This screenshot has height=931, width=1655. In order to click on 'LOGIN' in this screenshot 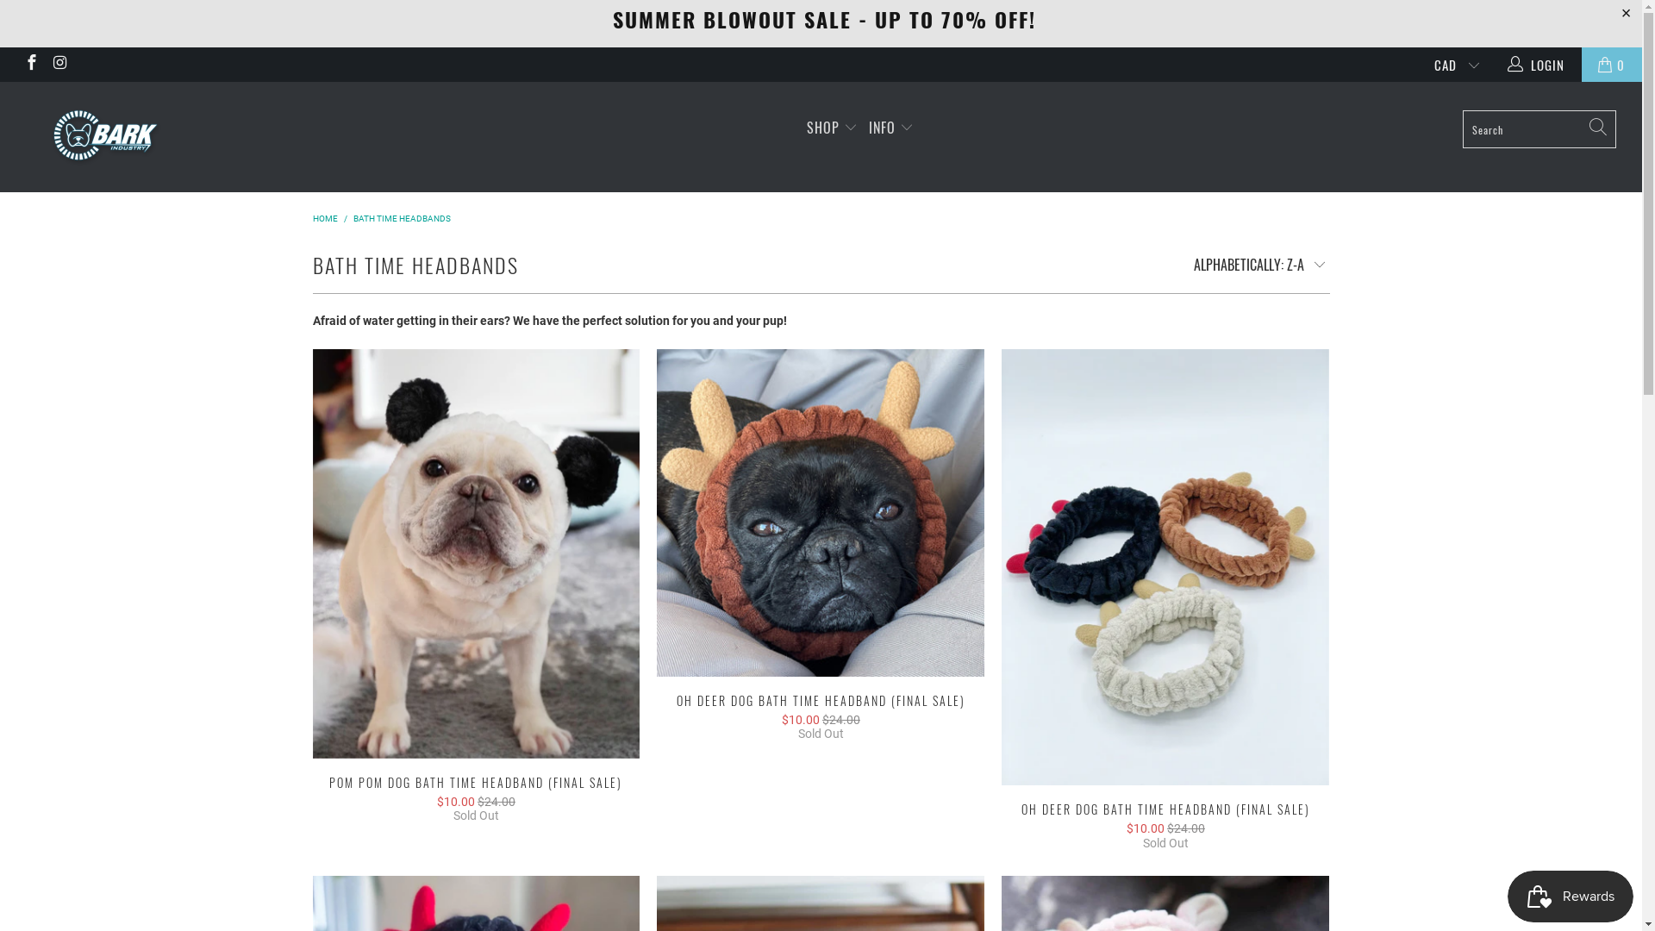, I will do `click(1538, 63)`.